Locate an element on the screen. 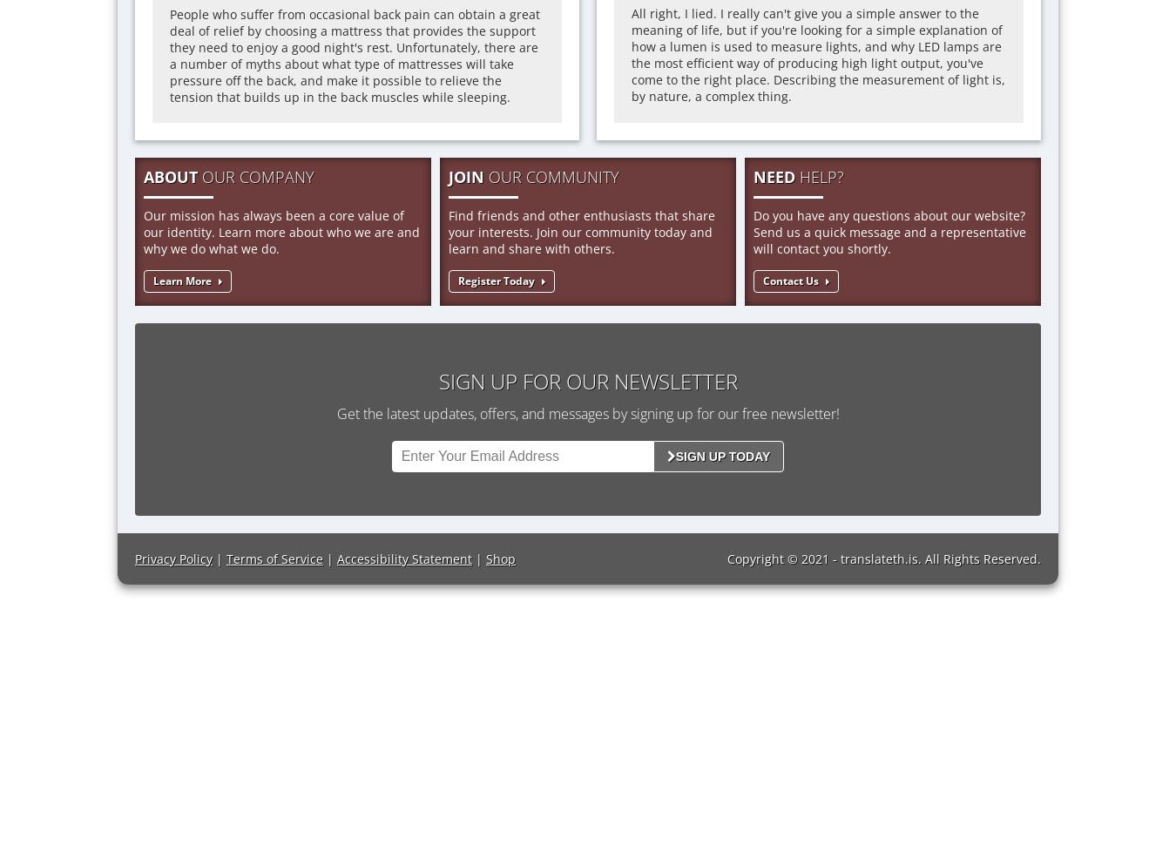 The height and width of the screenshot is (853, 1176). 'About' is located at coordinates (171, 177).